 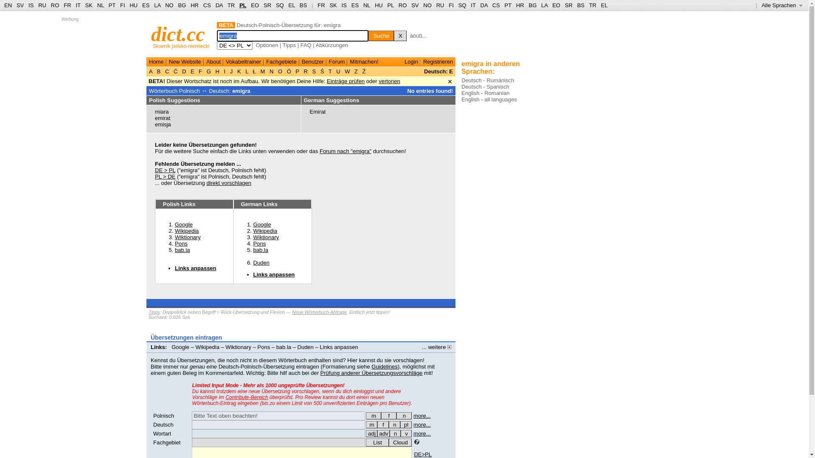 I want to click on 'IS', so click(x=344, y=5).